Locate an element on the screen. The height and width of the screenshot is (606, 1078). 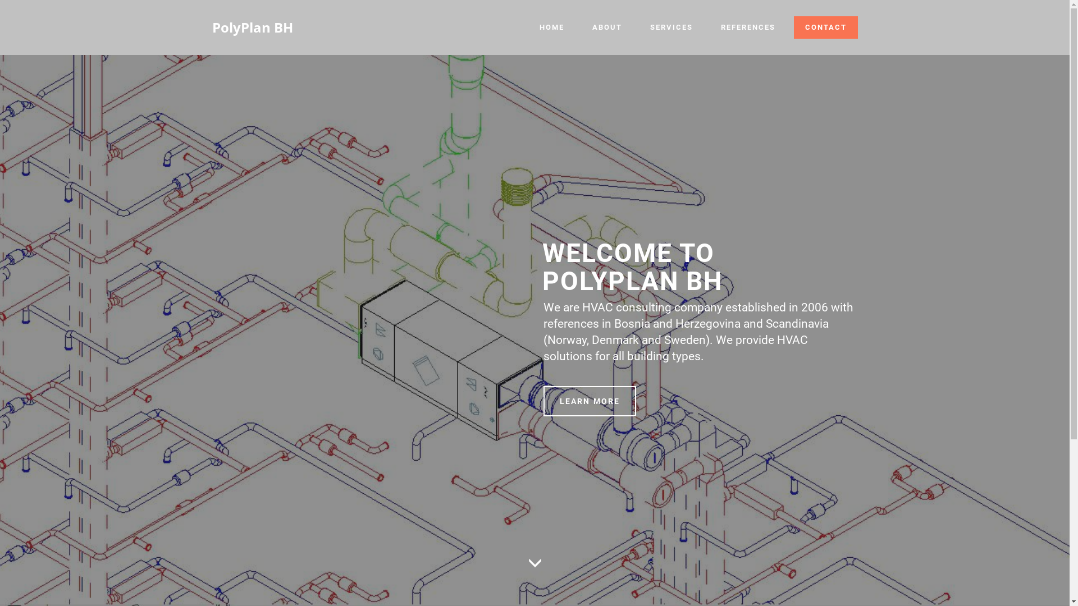
'ABOUT' is located at coordinates (606, 27).